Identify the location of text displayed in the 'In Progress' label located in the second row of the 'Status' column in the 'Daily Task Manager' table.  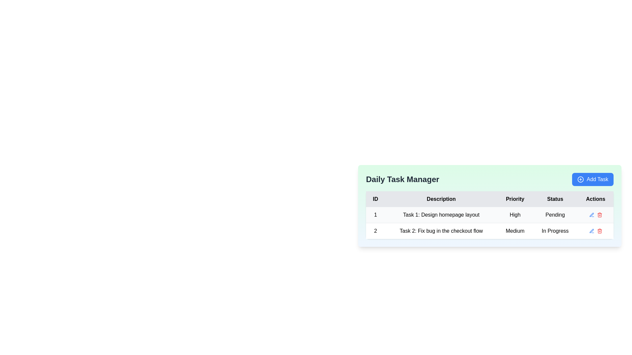
(555, 230).